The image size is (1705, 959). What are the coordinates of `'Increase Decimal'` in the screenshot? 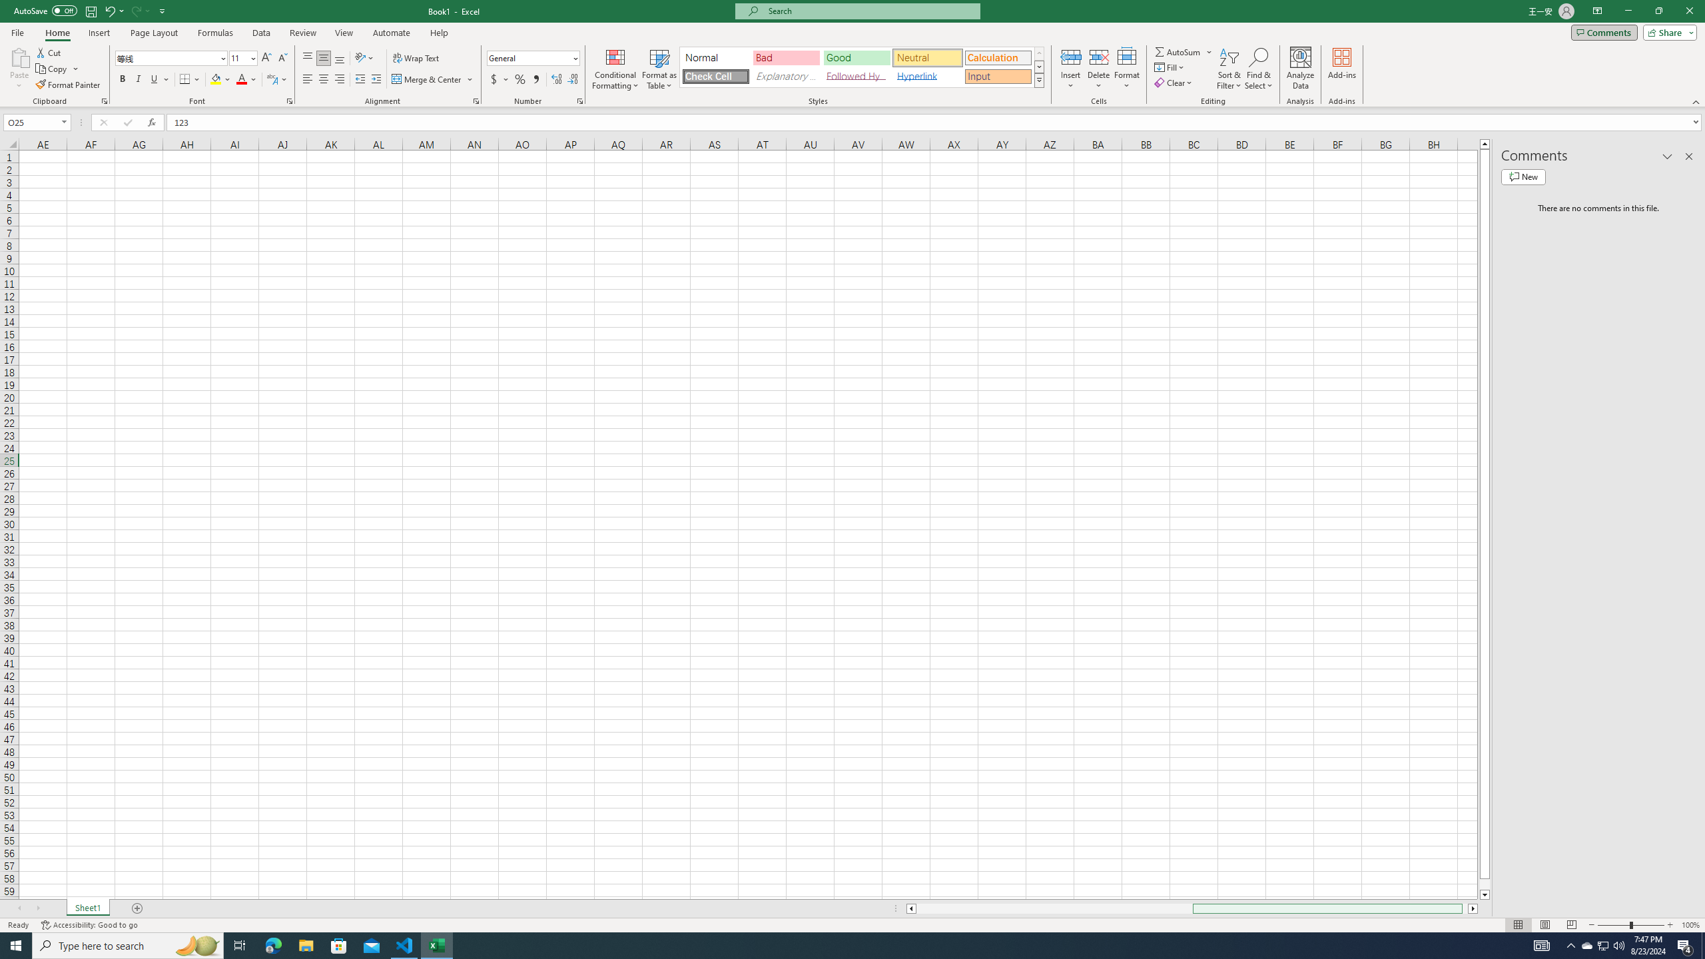 It's located at (556, 79).